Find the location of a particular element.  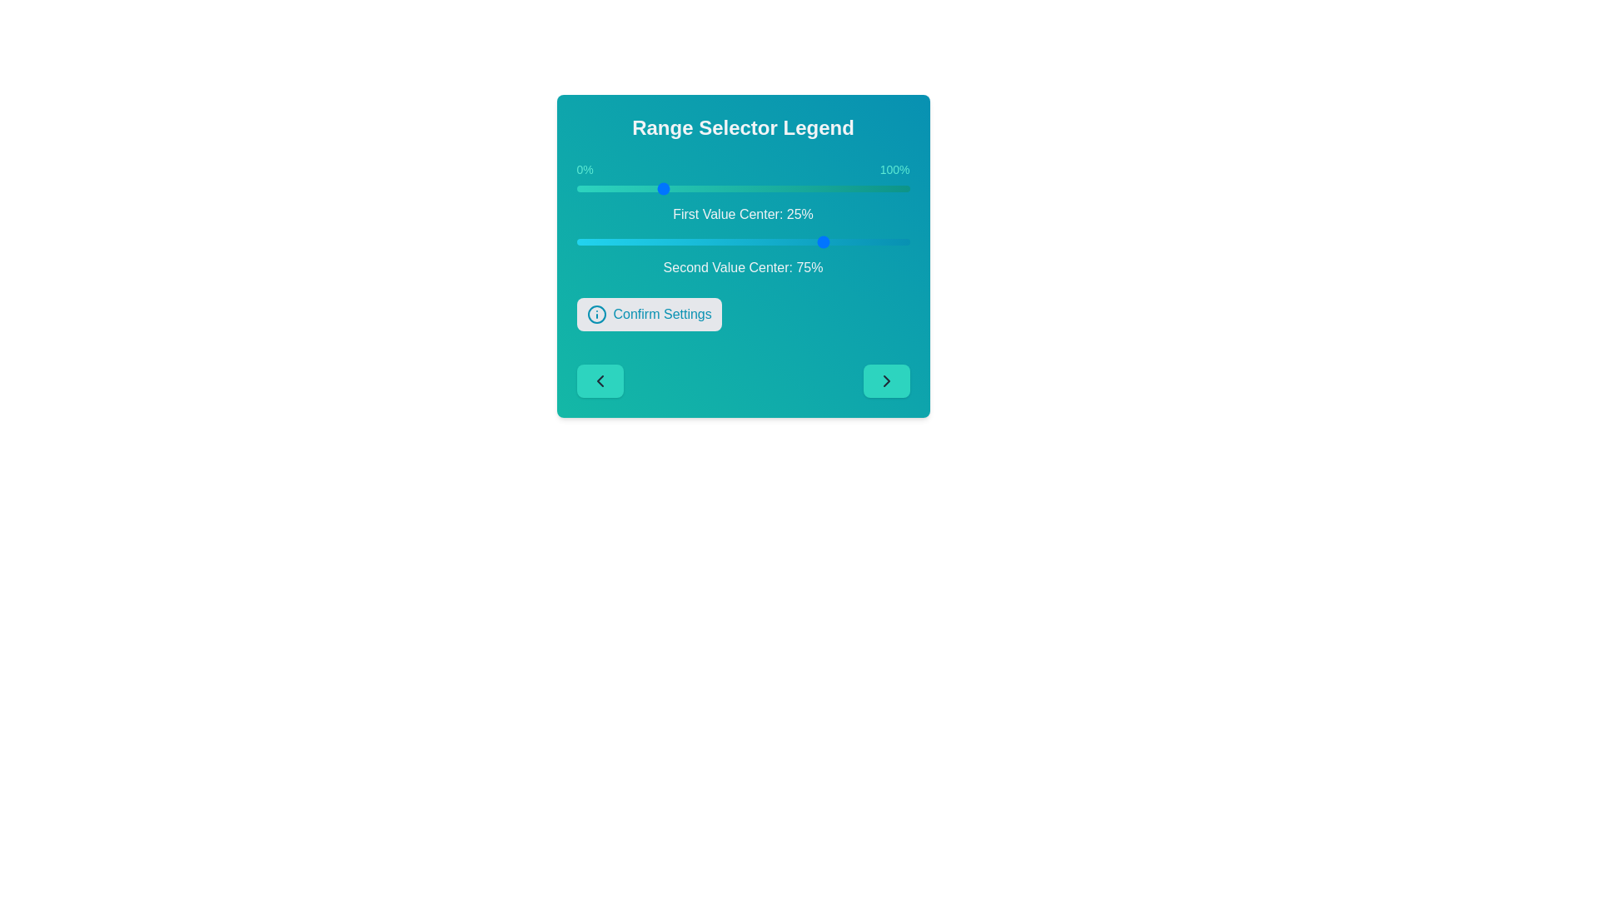

the slider value is located at coordinates (795, 241).